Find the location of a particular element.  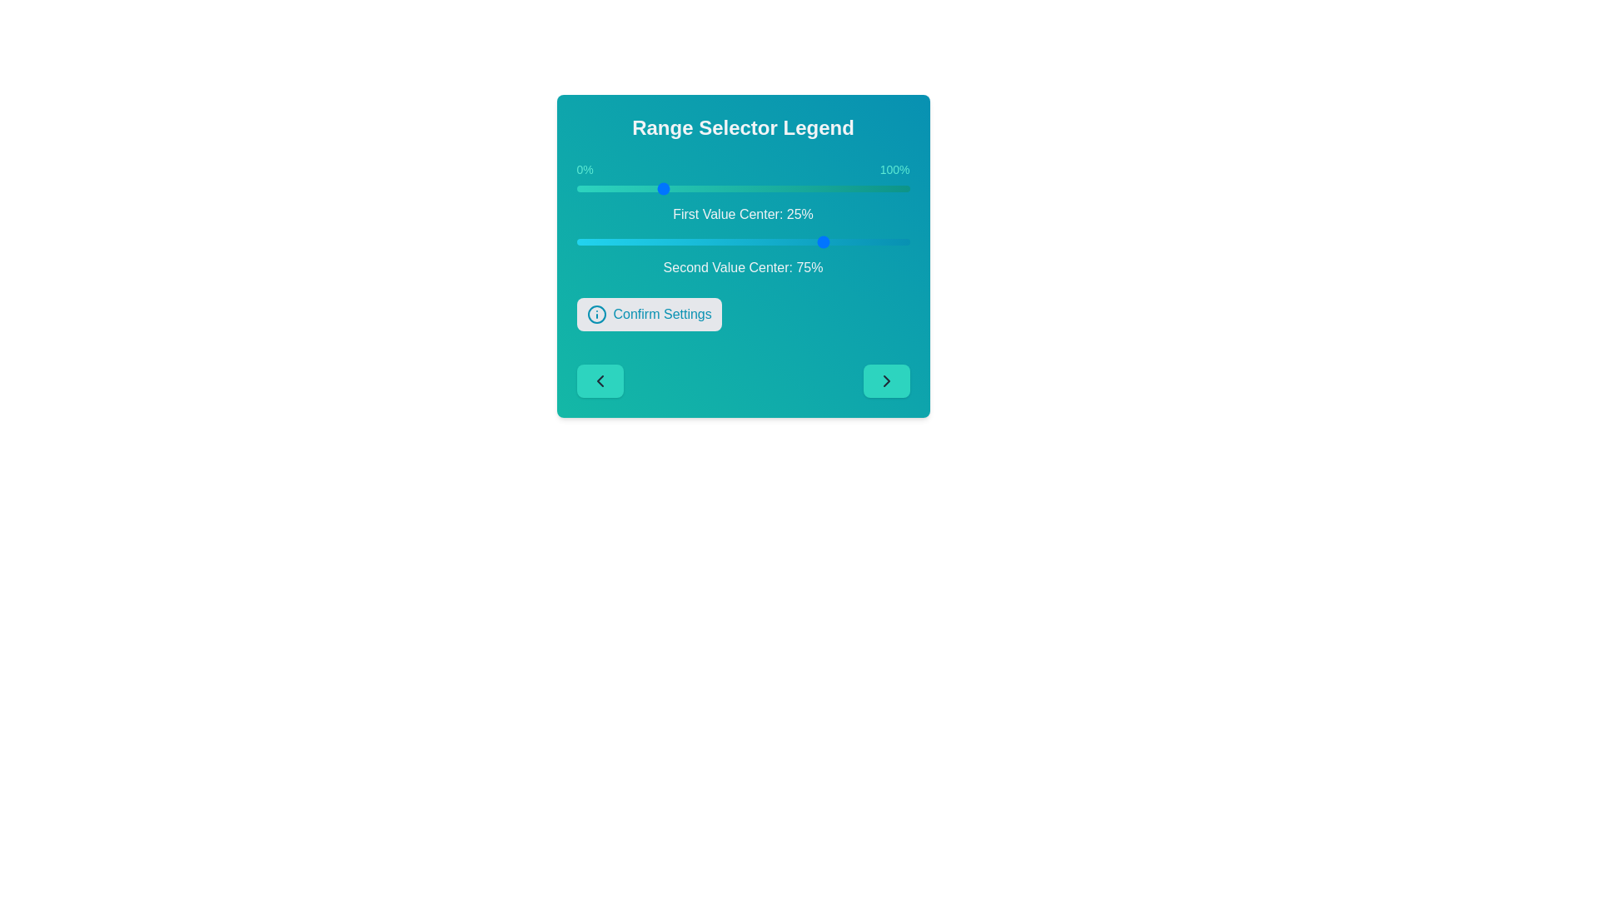

the slider value is located at coordinates (795, 241).